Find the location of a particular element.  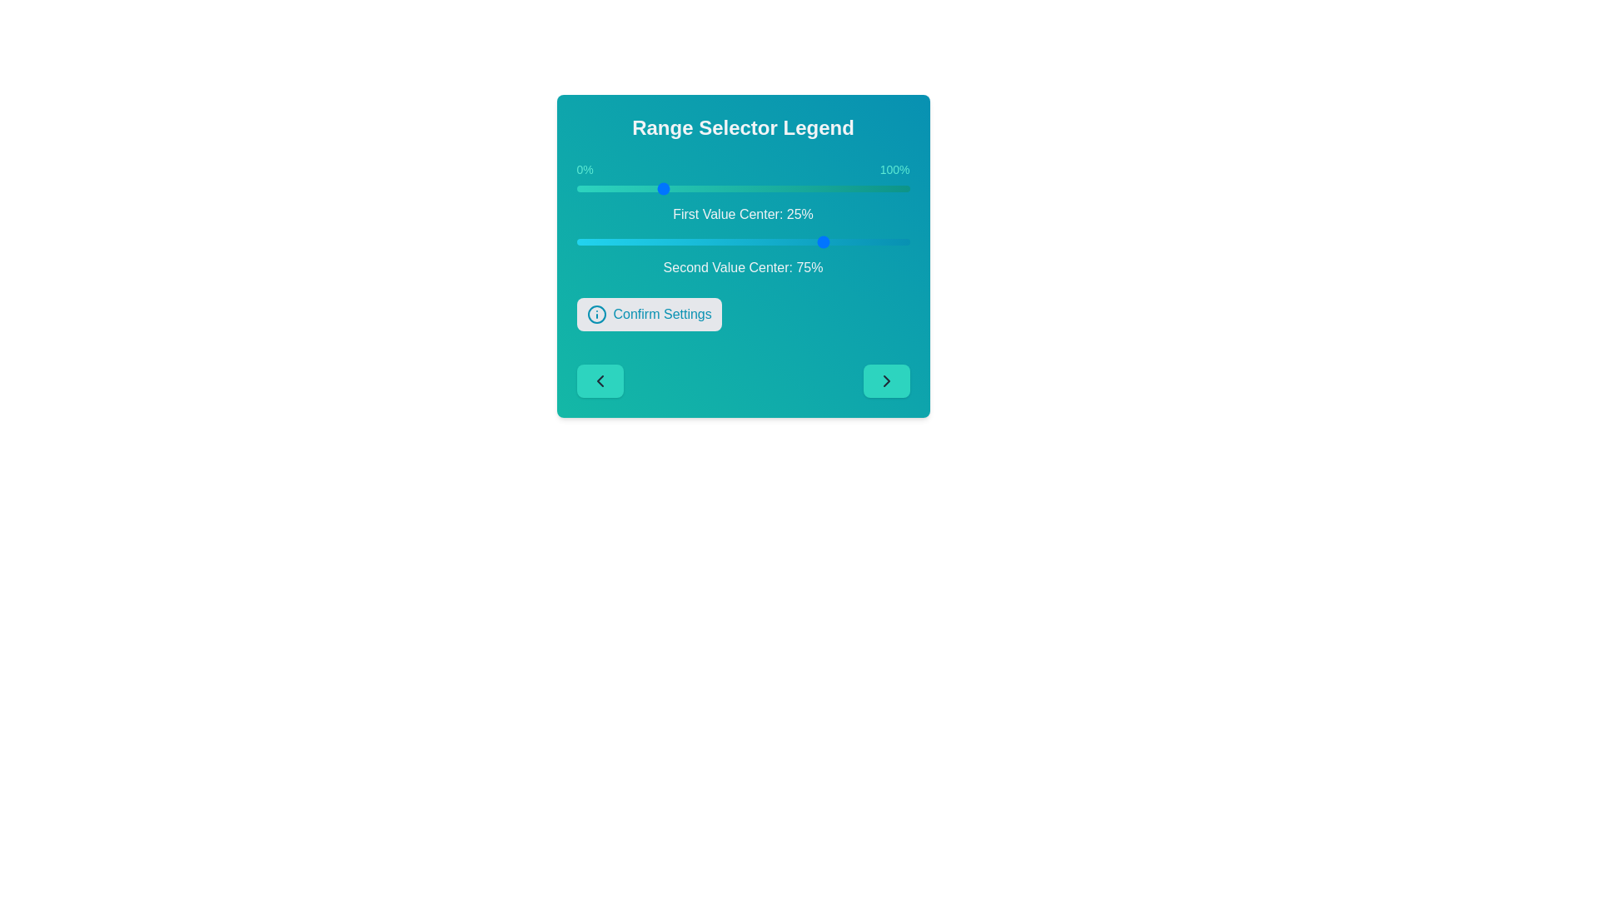

the slider value is located at coordinates (795, 241).